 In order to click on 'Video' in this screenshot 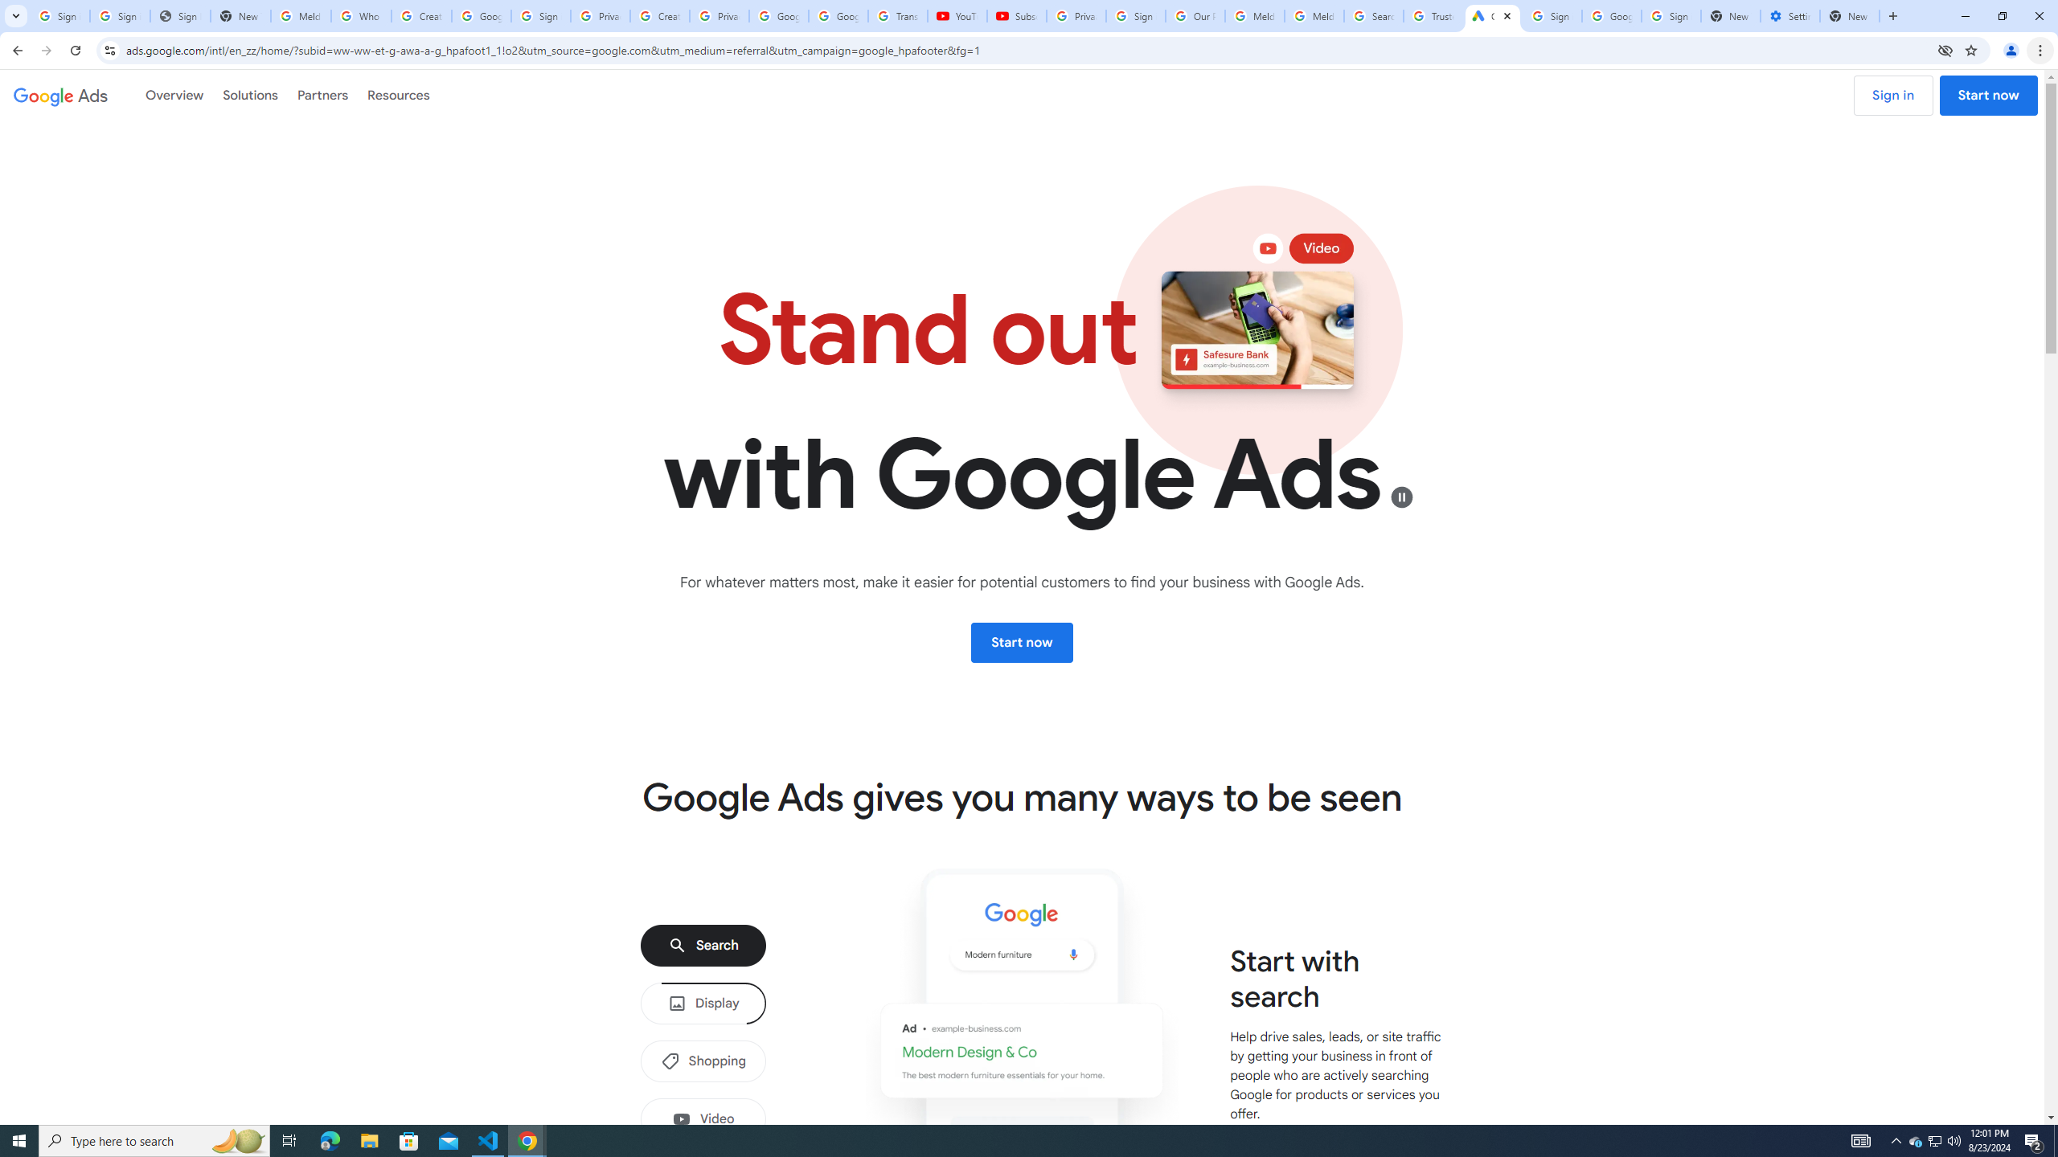, I will do `click(703, 1118)`.